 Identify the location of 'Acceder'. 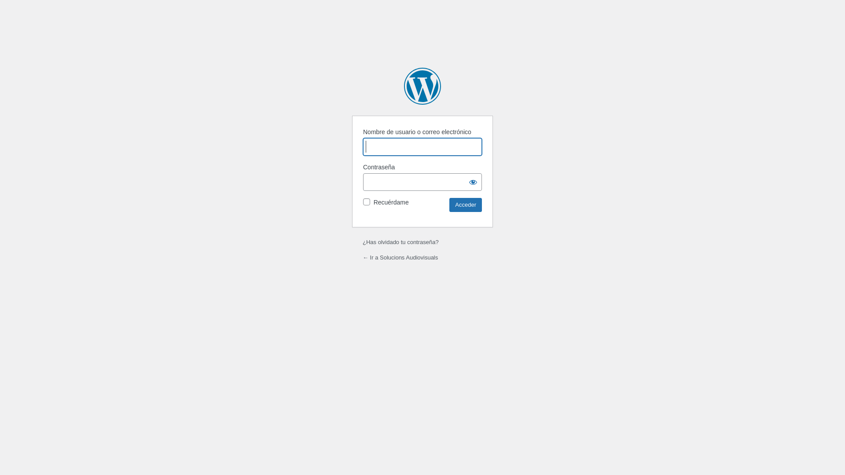
(465, 205).